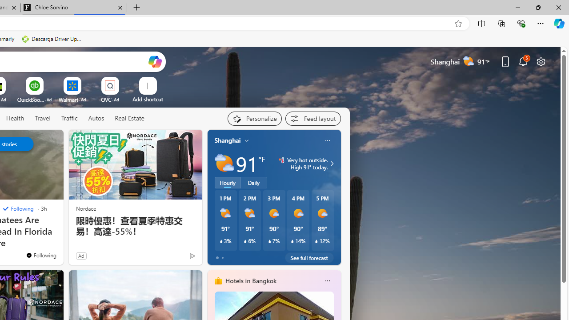 The image size is (569, 320). I want to click on 'Page settings', so click(540, 61).